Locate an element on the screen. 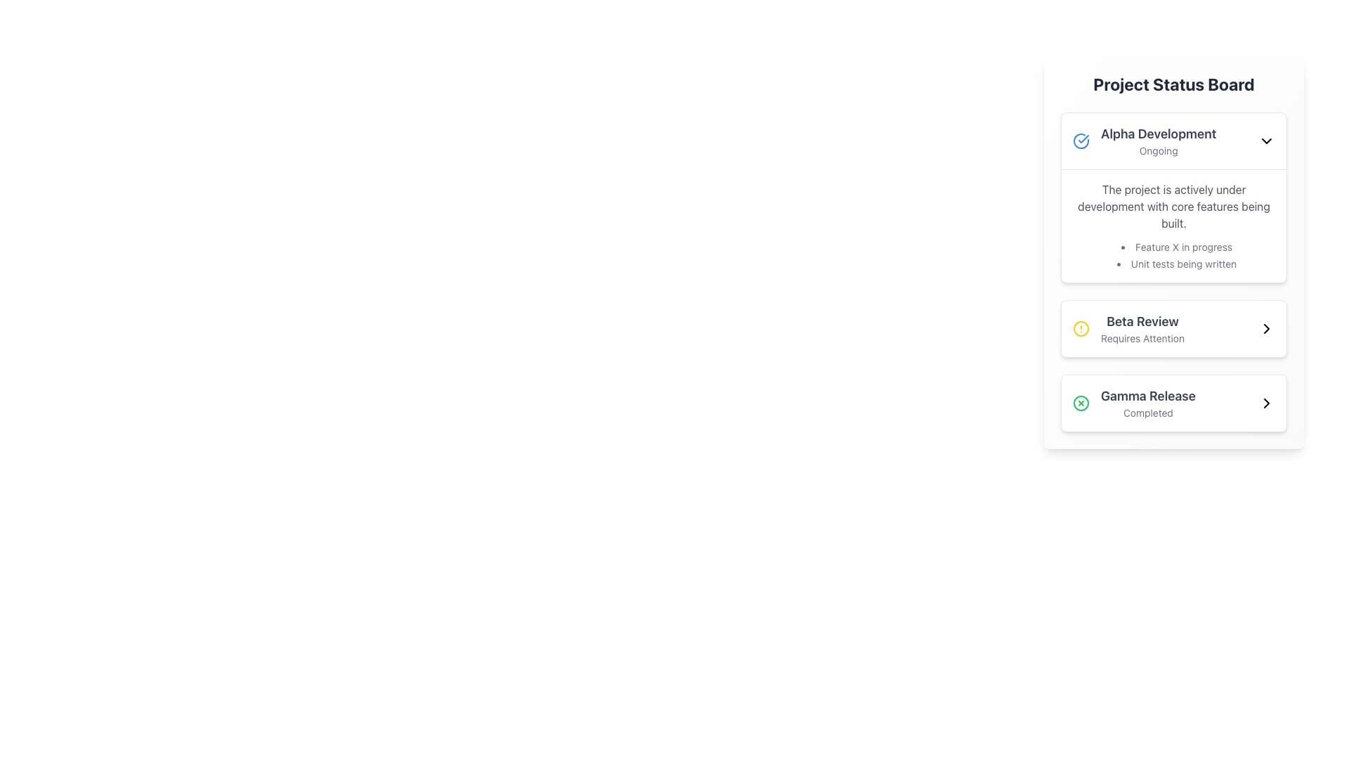 This screenshot has width=1349, height=759. the 'Beta Review' text label in the second status card of the 'Project Status Board' section is located at coordinates (1142, 322).